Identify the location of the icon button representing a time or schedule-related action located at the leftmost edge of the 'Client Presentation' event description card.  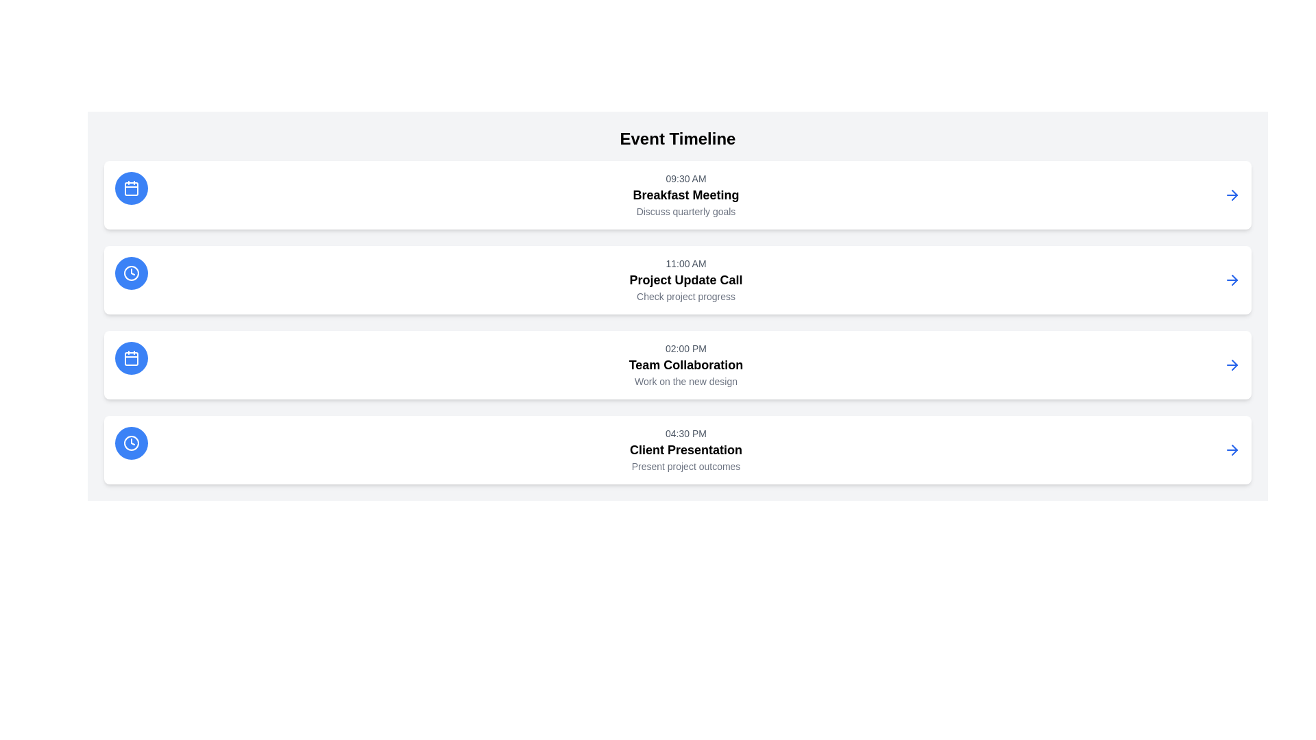
(132, 443).